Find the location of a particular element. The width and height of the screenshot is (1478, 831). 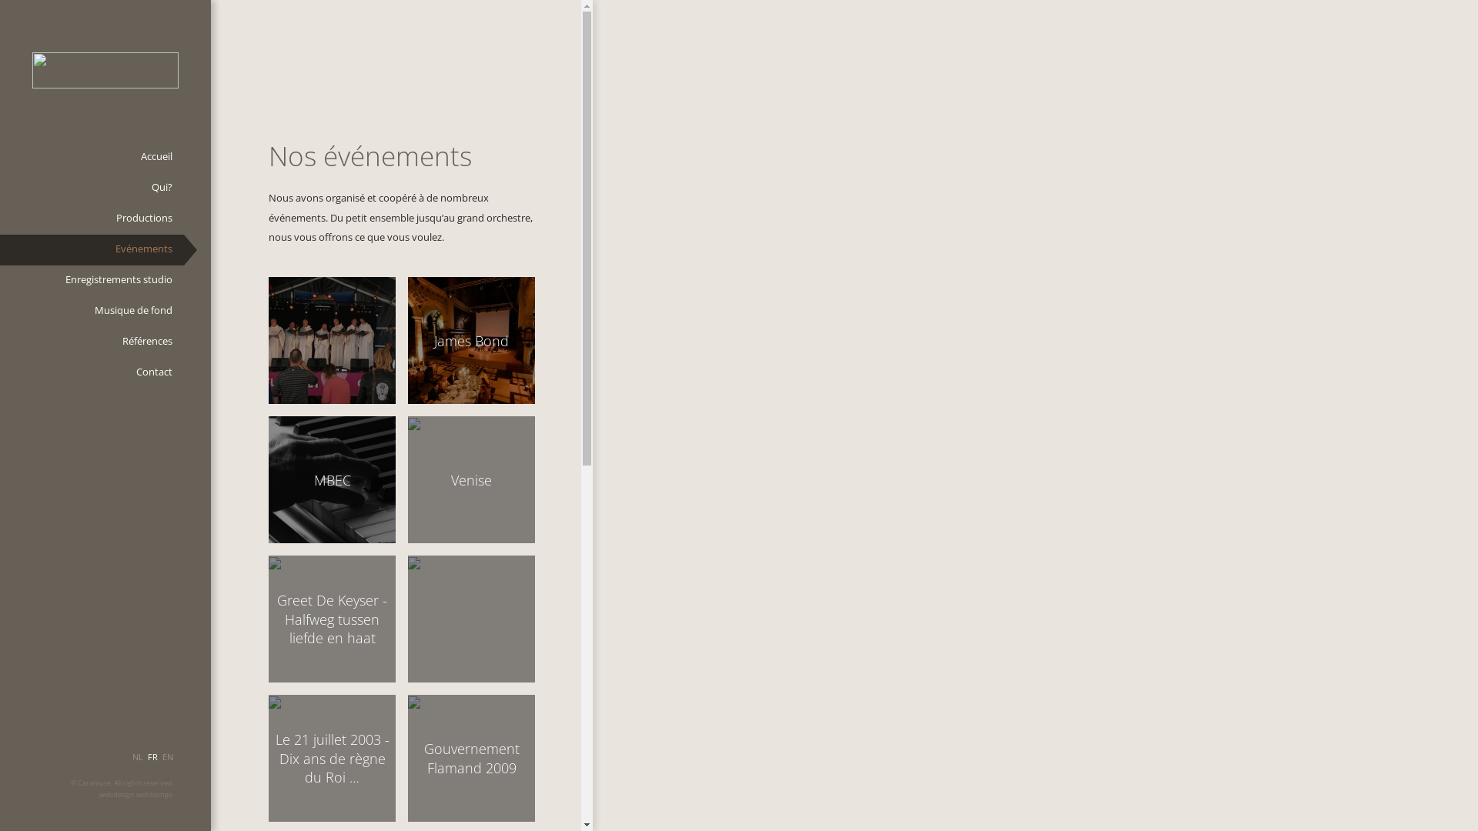

'Enregistrements studio' is located at coordinates (91, 281).